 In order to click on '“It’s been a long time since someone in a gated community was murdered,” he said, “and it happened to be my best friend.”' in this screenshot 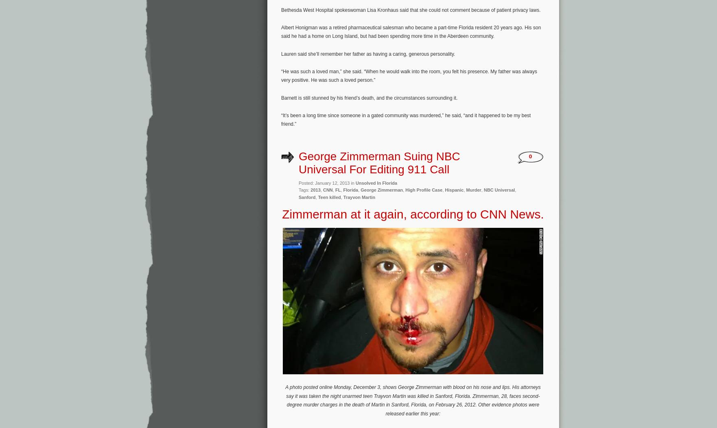, I will do `click(406, 120)`.